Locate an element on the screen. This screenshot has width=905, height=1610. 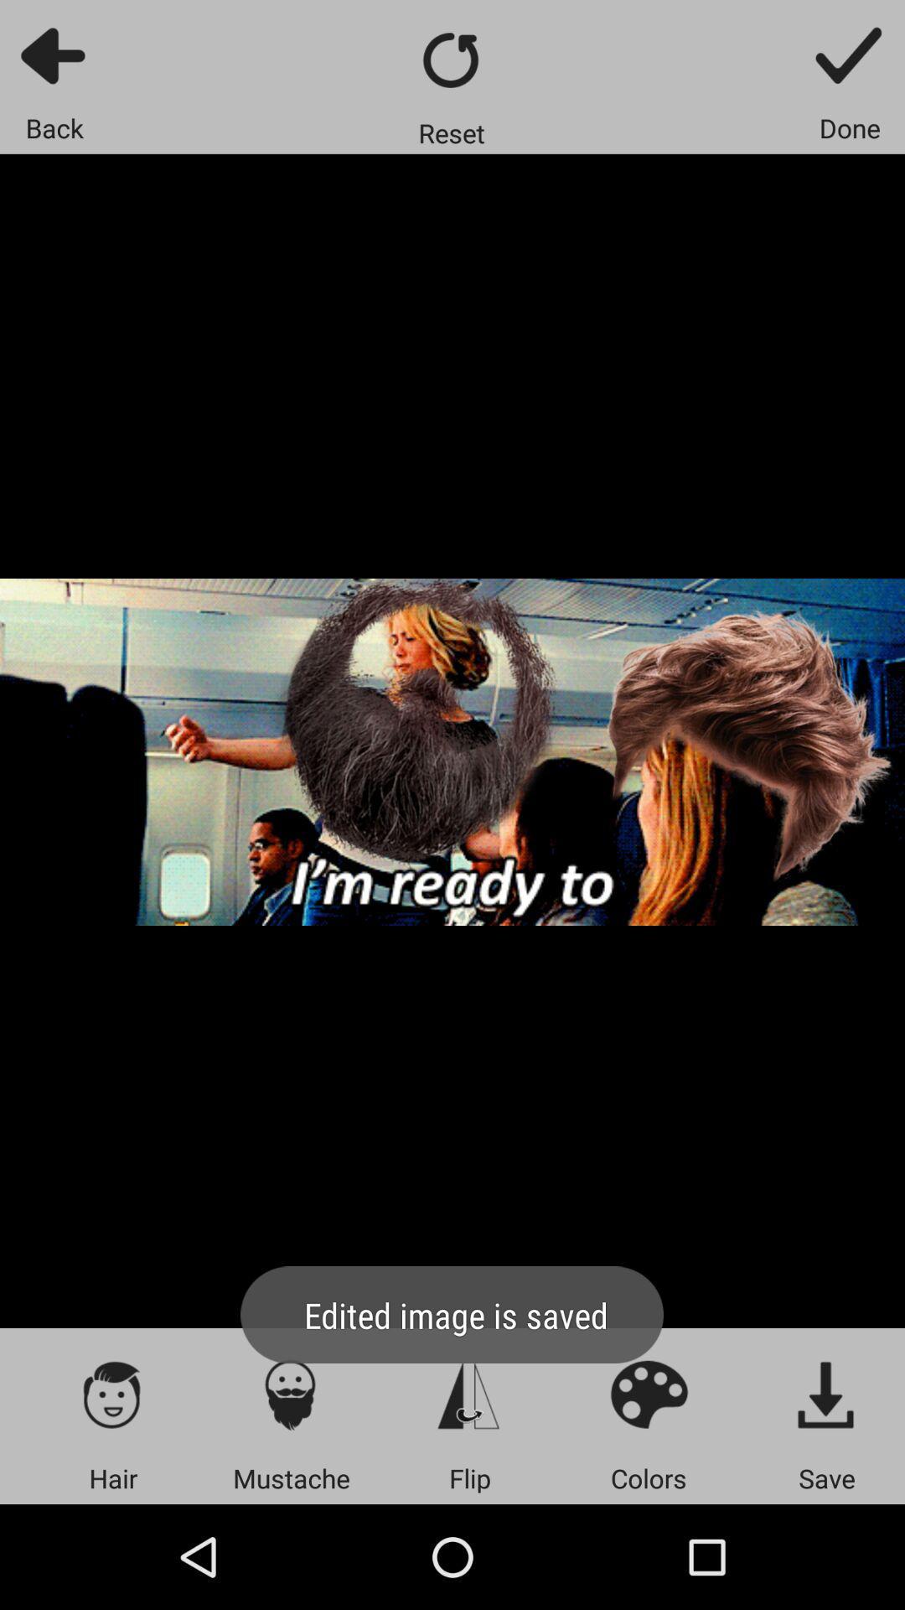
flip image is located at coordinates (469, 1394).